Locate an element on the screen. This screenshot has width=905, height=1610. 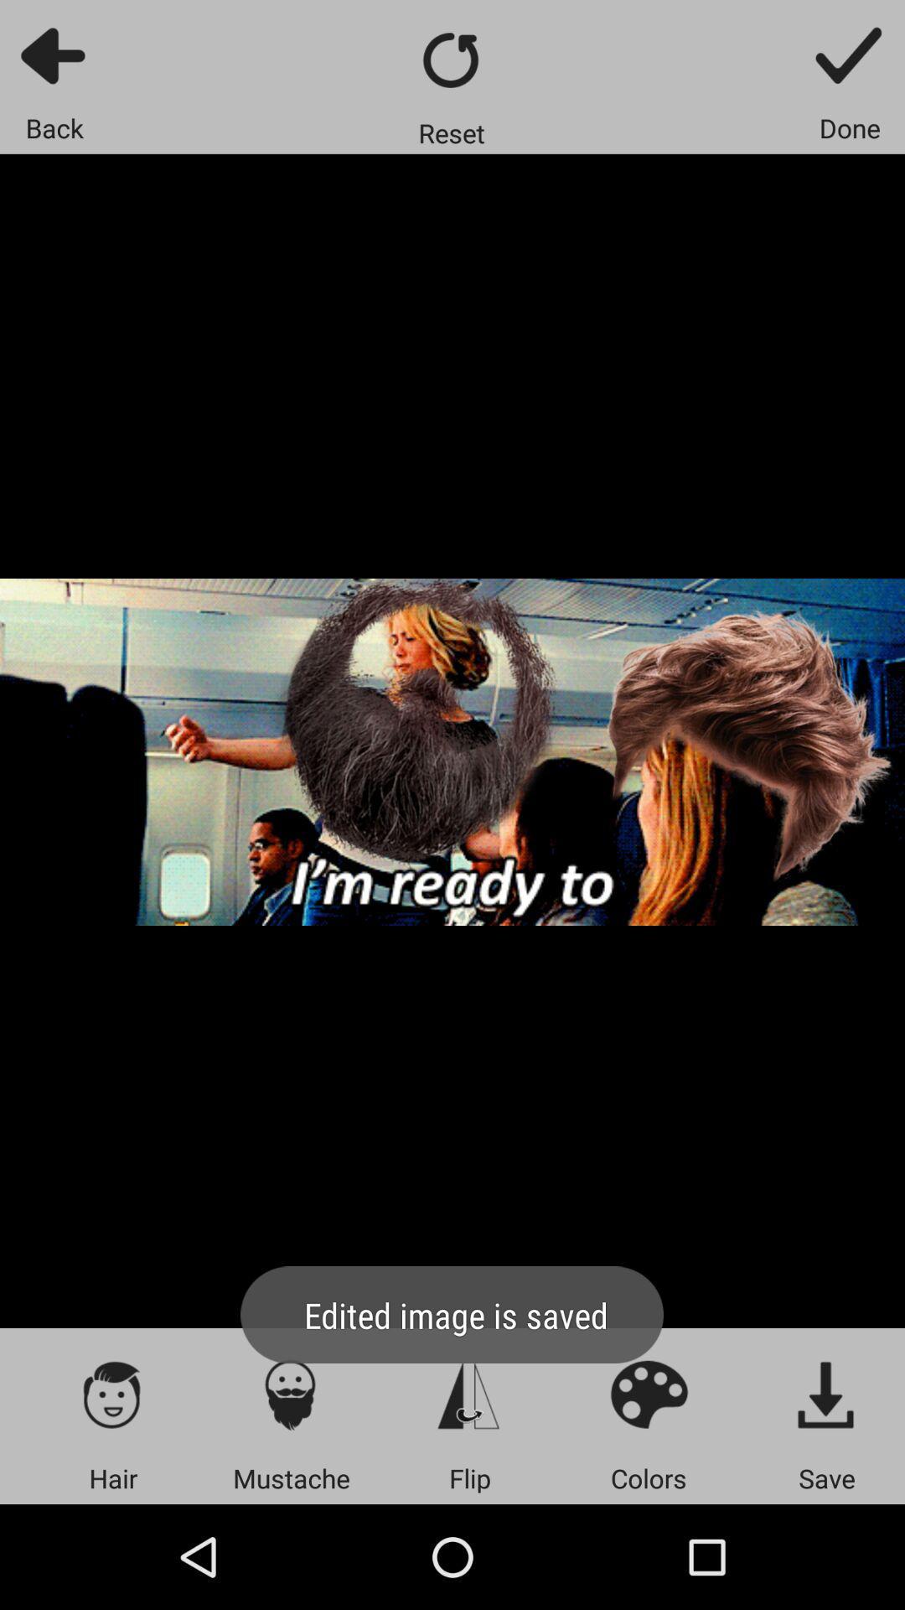
flip image is located at coordinates (469, 1394).